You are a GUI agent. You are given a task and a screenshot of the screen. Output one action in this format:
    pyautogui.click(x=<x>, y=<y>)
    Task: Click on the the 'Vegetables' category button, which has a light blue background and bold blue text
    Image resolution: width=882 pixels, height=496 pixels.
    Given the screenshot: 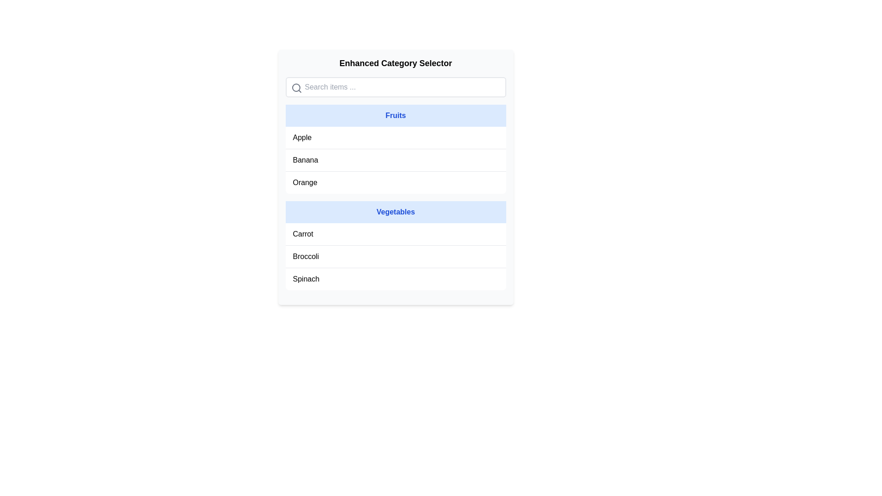 What is the action you would take?
    pyautogui.click(x=396, y=212)
    